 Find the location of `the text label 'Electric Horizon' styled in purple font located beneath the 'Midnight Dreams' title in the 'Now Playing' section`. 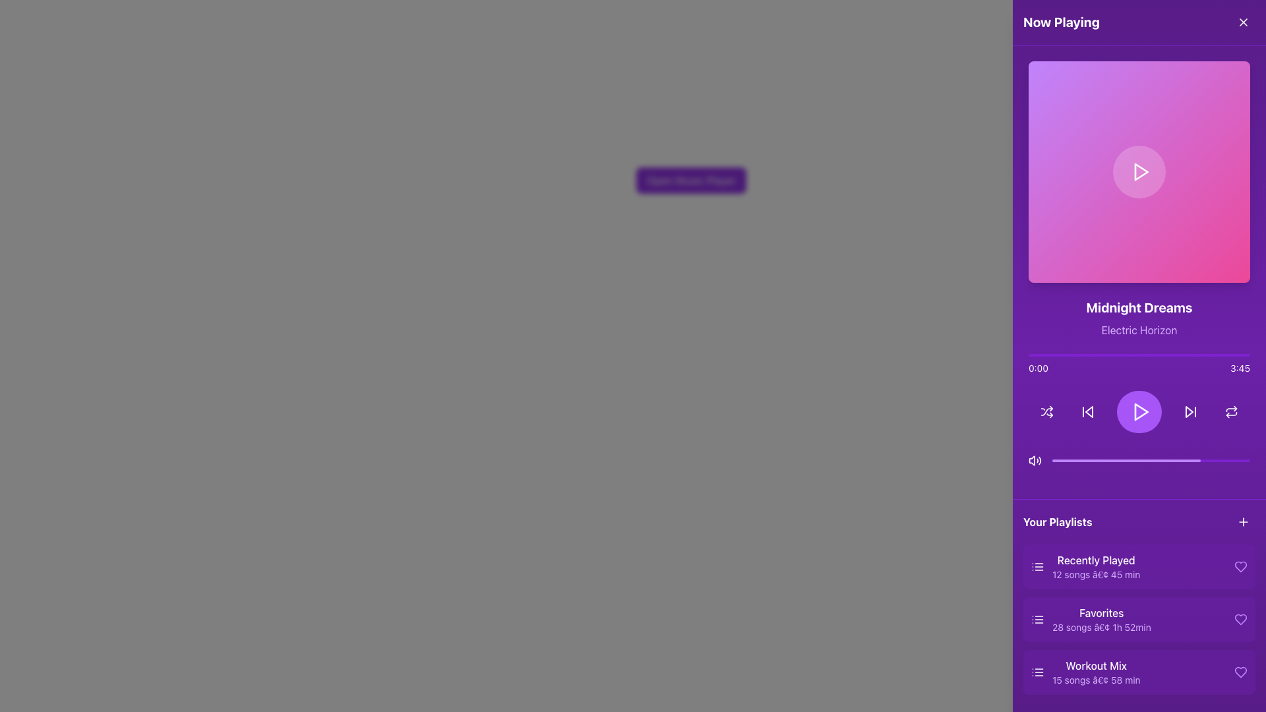

the text label 'Electric Horizon' styled in purple font located beneath the 'Midnight Dreams' title in the 'Now Playing' section is located at coordinates (1139, 330).